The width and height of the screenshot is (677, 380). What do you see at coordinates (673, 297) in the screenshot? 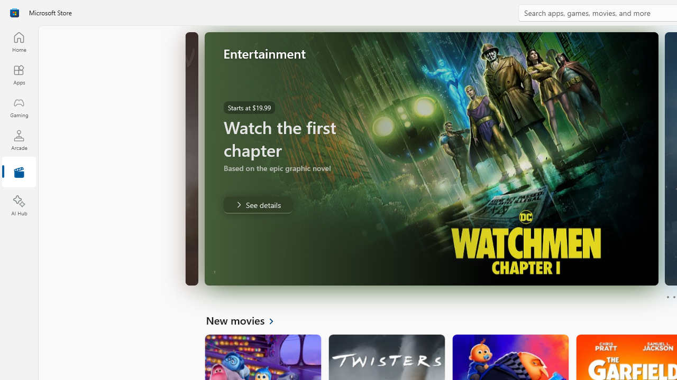
I see `'Page 2'` at bounding box center [673, 297].